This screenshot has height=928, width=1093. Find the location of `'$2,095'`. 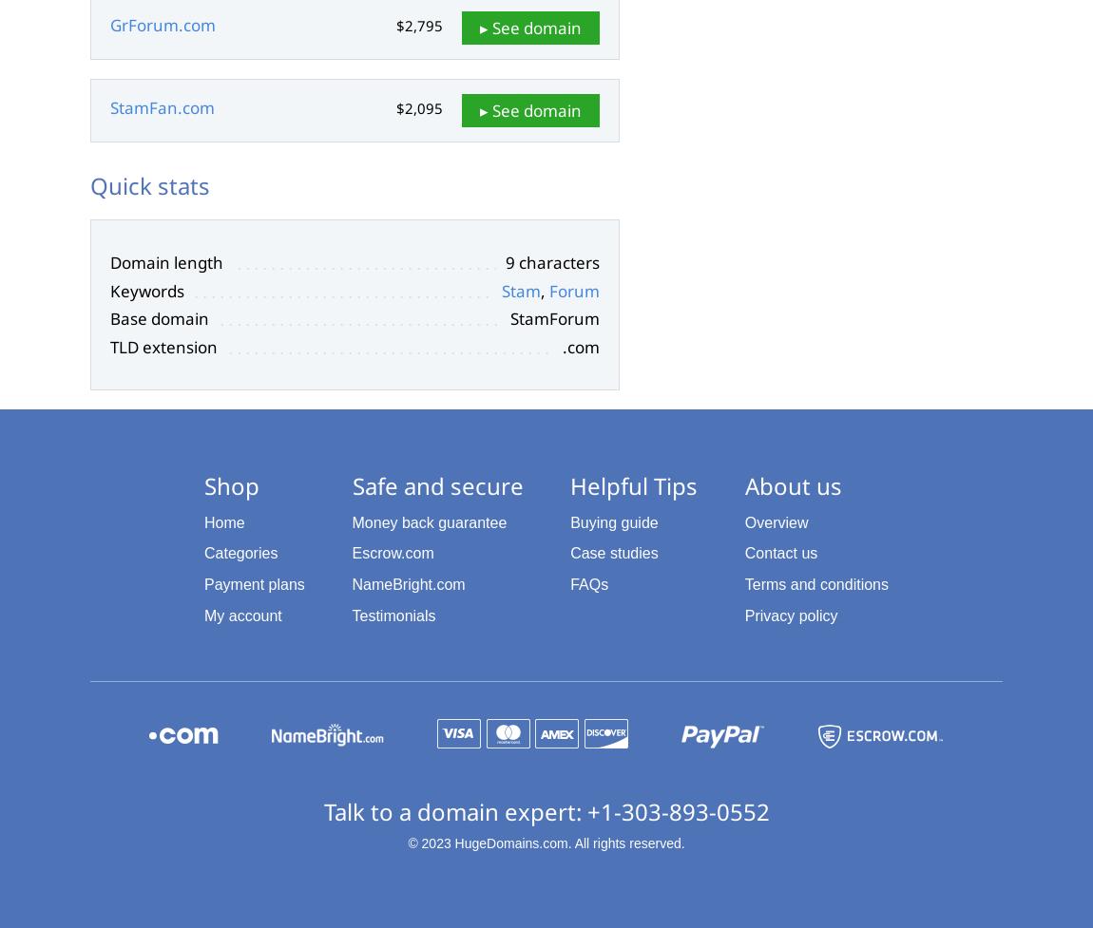

'$2,095' is located at coordinates (419, 108).